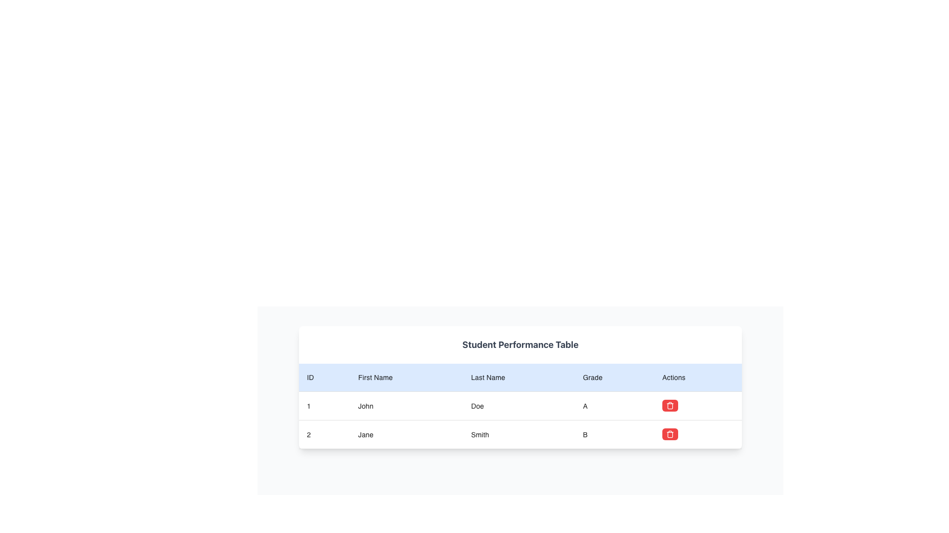 This screenshot has height=533, width=949. Describe the element at coordinates (670, 433) in the screenshot. I see `the trash can icon located in the 'Actions' column of the second row by` at that location.